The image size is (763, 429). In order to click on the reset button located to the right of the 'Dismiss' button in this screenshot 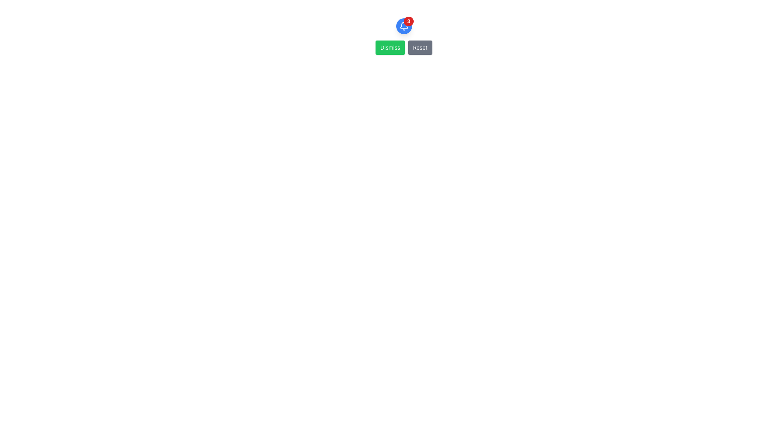, I will do `click(420, 47)`.